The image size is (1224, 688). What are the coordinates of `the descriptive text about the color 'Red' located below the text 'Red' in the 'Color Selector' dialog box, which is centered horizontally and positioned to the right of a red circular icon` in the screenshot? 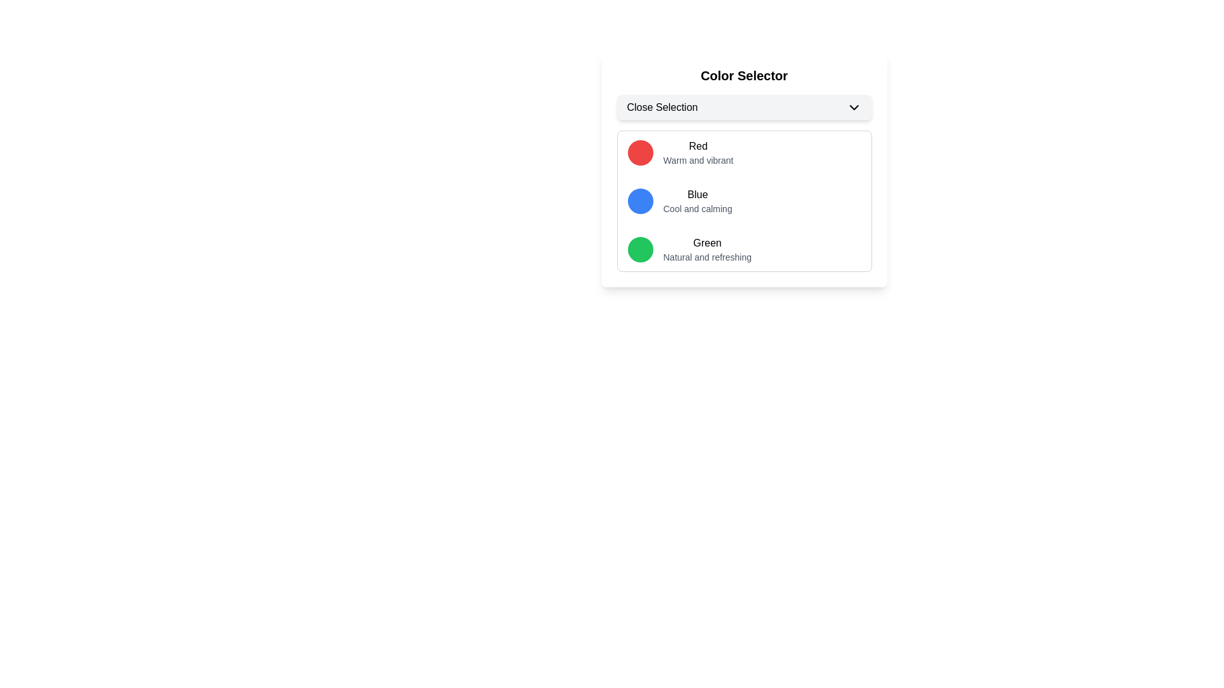 It's located at (697, 159).